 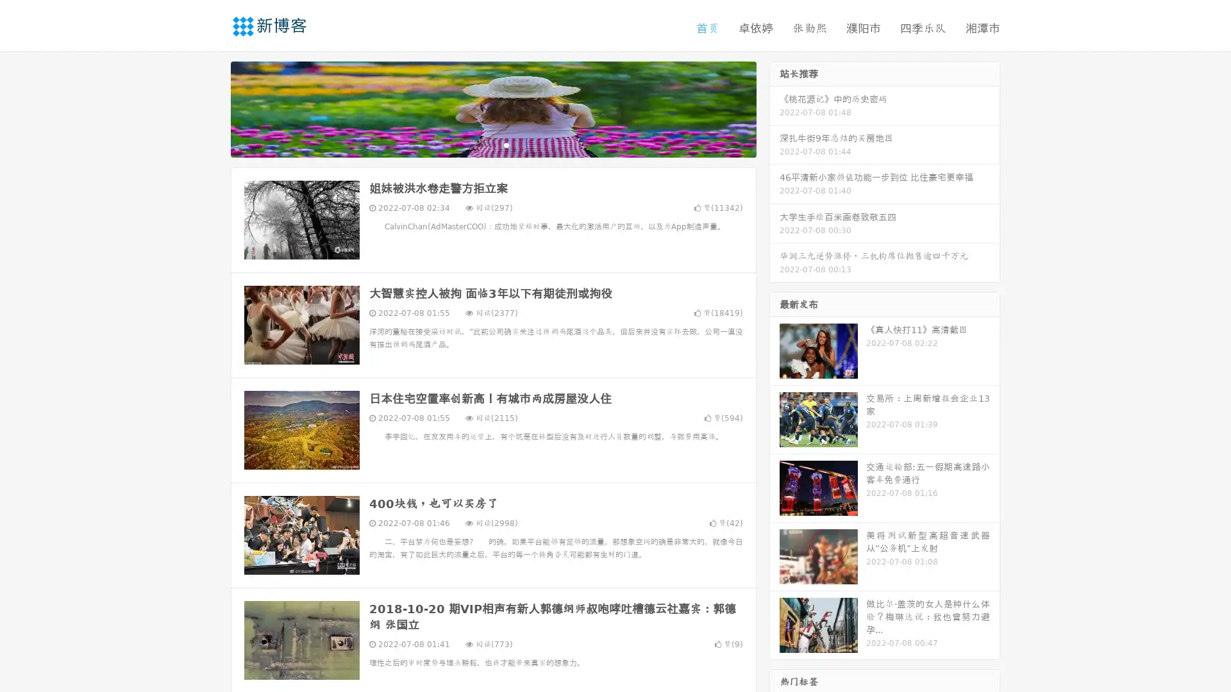 What do you see at coordinates (492, 144) in the screenshot?
I see `Go to slide 2` at bounding box center [492, 144].